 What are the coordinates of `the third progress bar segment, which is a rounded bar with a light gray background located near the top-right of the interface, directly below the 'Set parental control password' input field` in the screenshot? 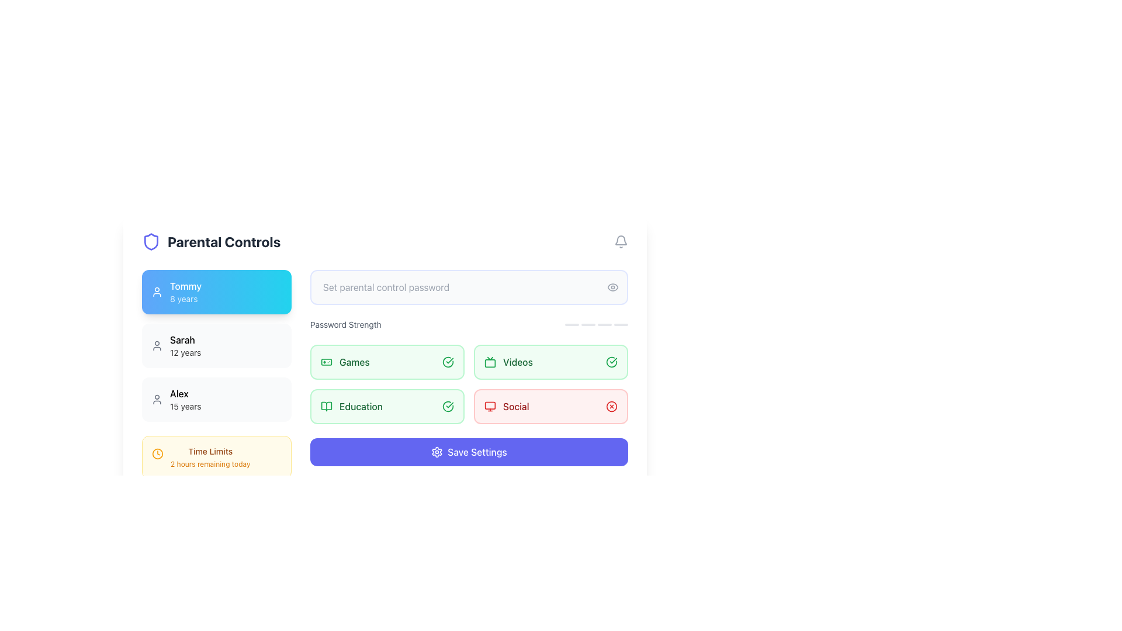 It's located at (605, 324).